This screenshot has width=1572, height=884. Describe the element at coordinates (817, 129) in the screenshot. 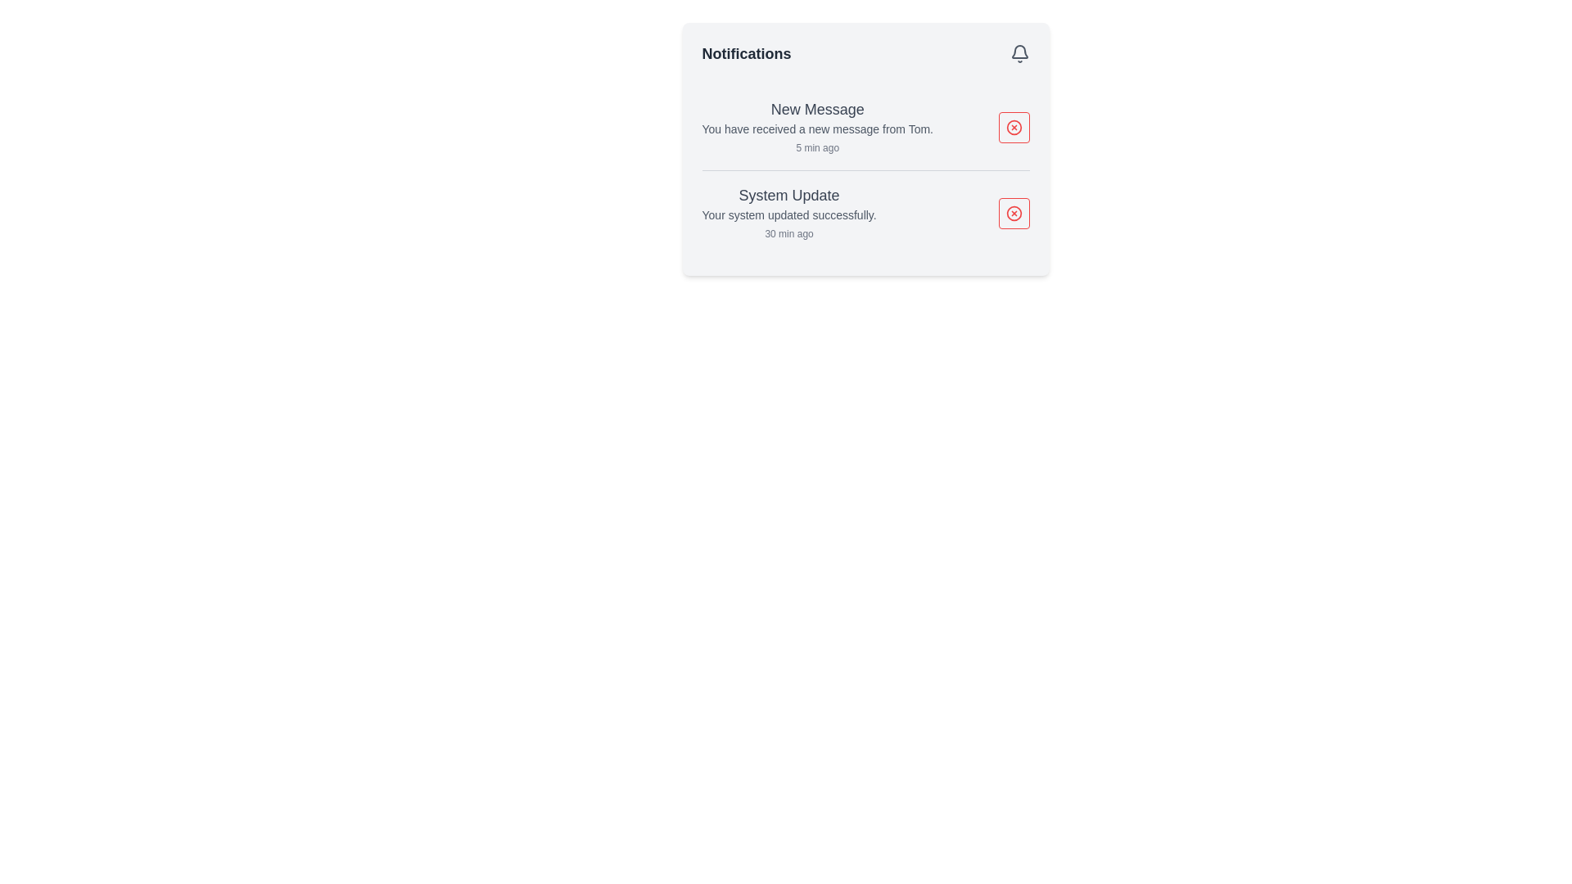

I see `static text located below the 'New Message' headline, which provides details about the notification and sender` at that location.